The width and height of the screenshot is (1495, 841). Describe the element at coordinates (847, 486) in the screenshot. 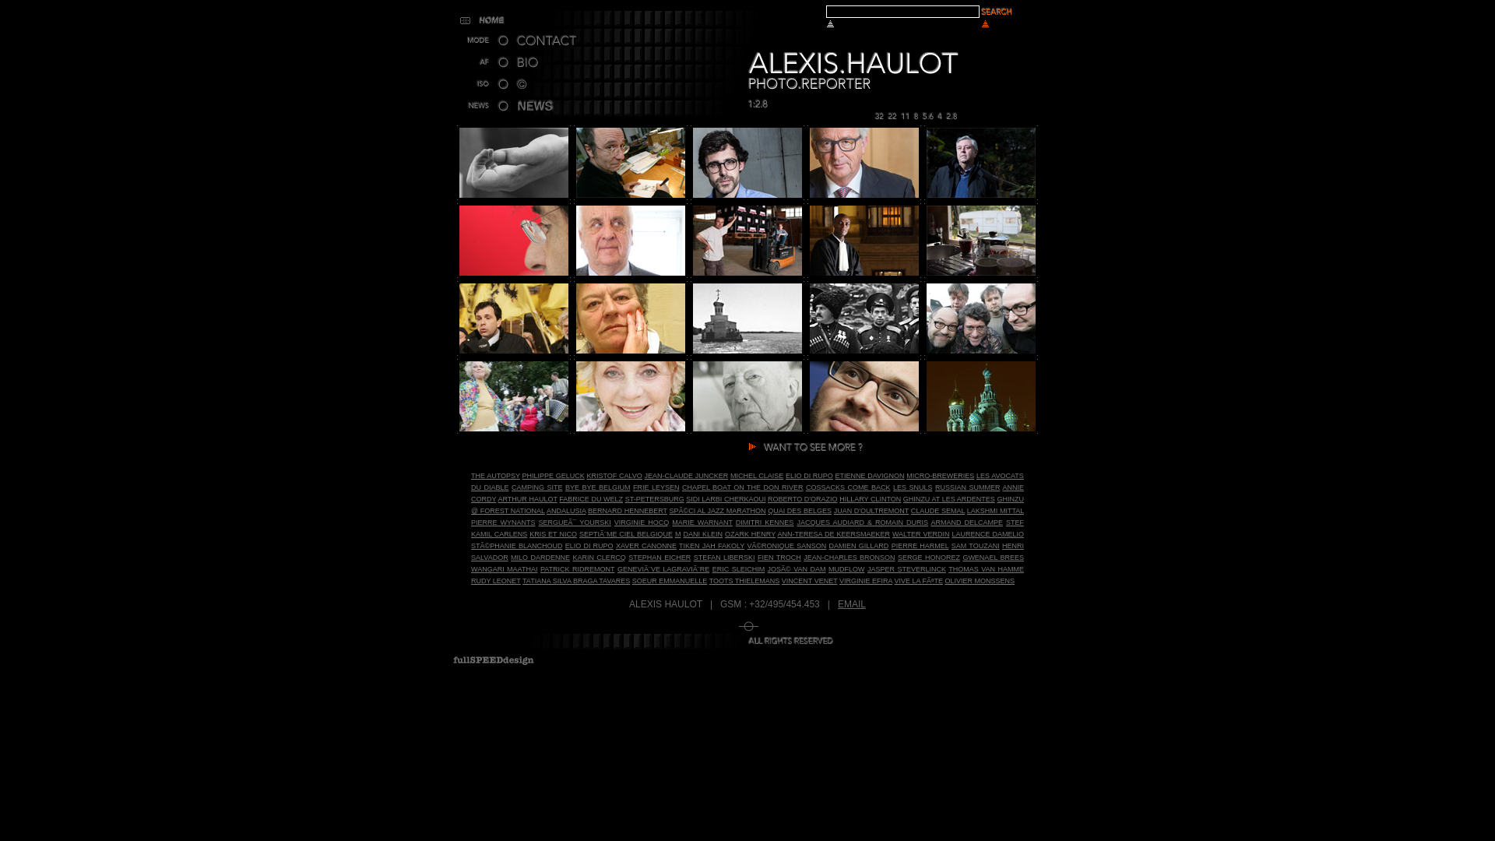

I see `'COSSACKS COME BACK'` at that location.